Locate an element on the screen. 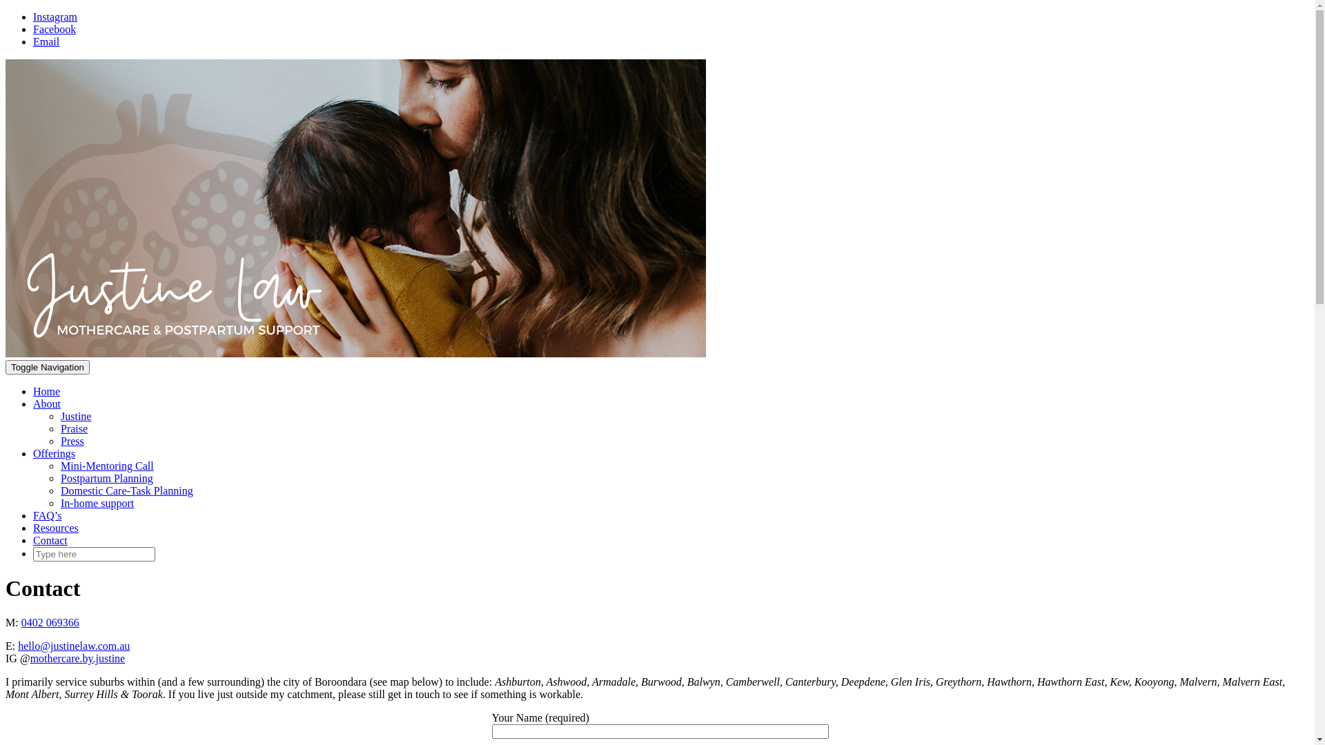  'Press' is located at coordinates (72, 441).